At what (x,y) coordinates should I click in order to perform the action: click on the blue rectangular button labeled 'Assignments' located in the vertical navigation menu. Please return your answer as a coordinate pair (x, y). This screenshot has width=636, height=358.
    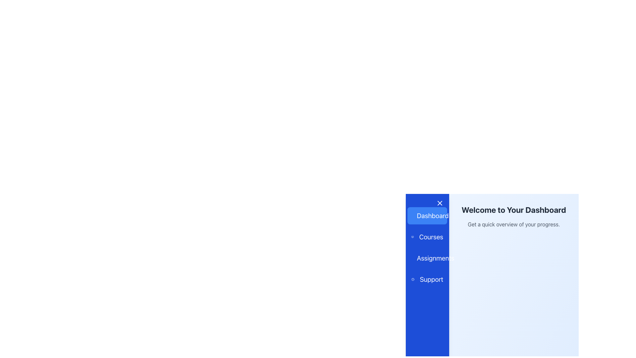
    Looking at the image, I should click on (427, 258).